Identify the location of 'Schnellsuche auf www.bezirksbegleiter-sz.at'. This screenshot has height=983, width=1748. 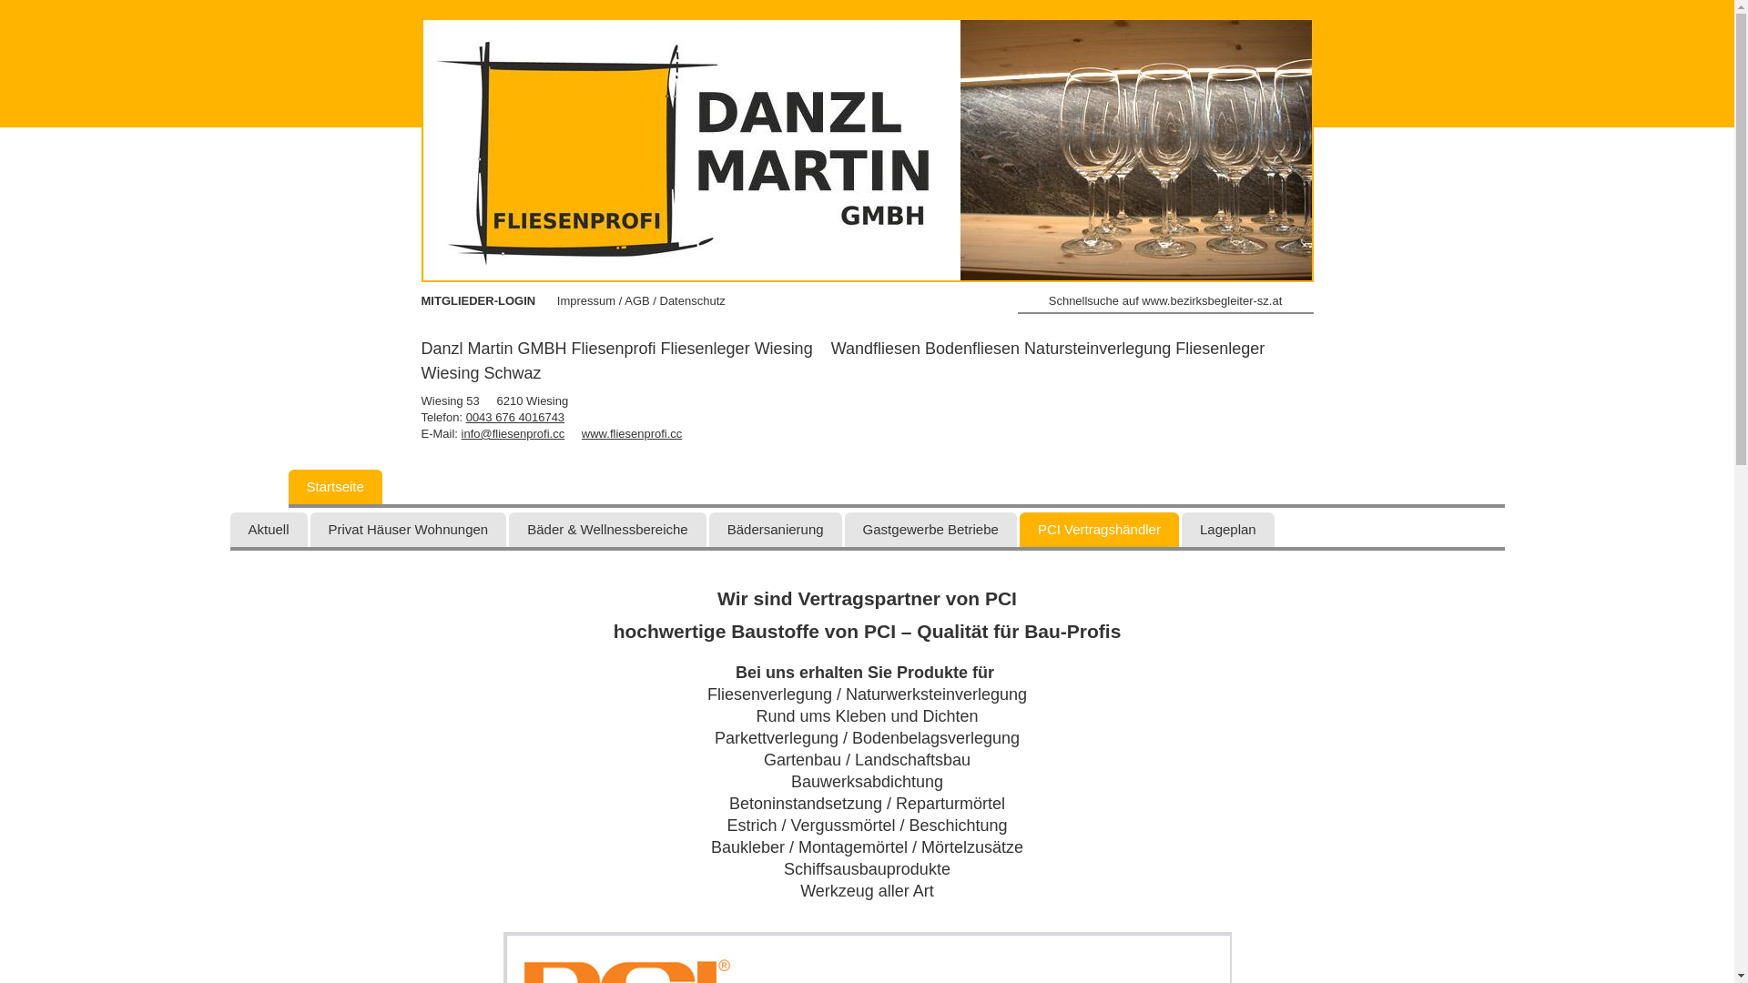
(1165, 302).